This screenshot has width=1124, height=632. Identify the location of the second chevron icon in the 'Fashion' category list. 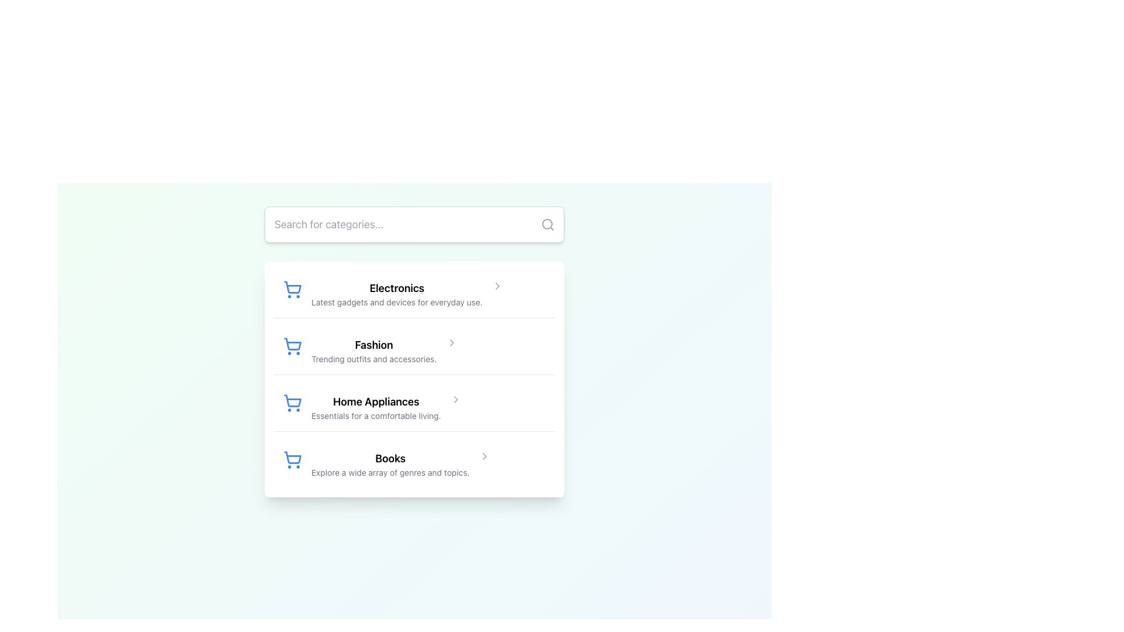
(451, 342).